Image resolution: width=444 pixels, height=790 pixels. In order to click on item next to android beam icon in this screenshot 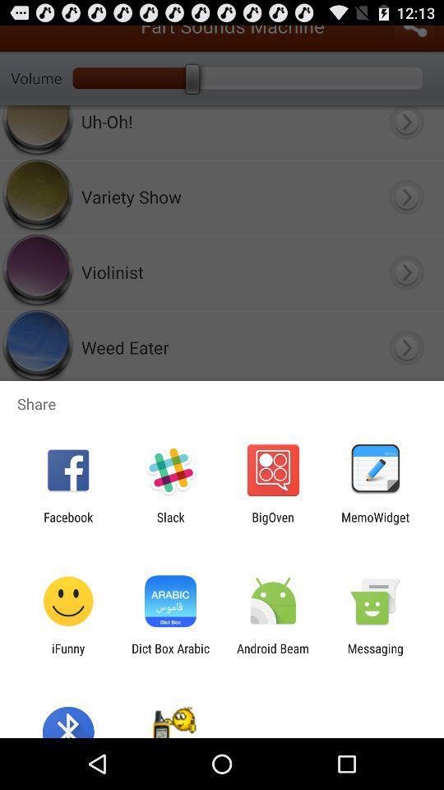, I will do `click(169, 655)`.